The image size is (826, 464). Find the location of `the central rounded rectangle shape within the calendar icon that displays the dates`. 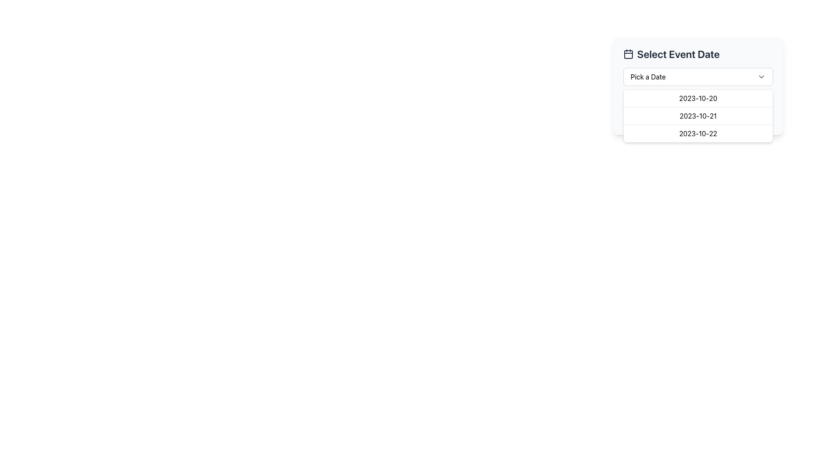

the central rounded rectangle shape within the calendar icon that displays the dates is located at coordinates (628, 55).